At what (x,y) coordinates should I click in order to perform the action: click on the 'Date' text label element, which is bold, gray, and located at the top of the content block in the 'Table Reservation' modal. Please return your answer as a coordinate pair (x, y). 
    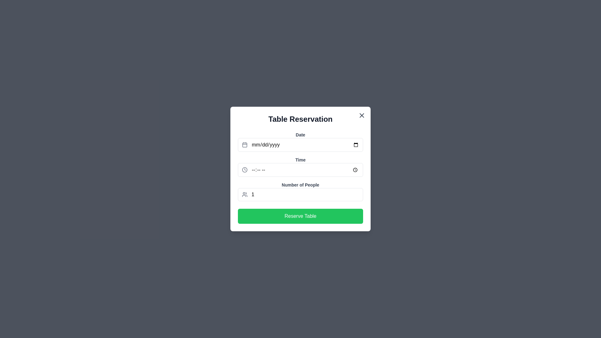
    Looking at the image, I should click on (300, 135).